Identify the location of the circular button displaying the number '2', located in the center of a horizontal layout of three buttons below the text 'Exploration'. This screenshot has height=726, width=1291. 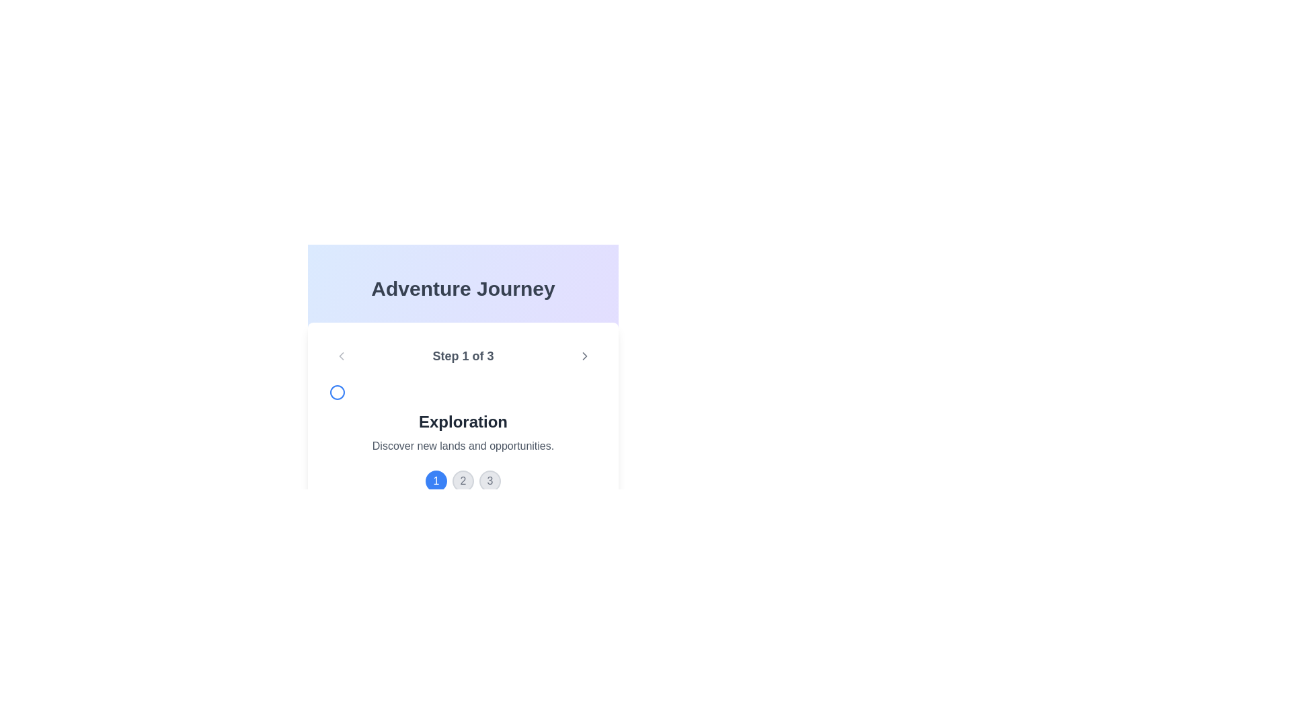
(463, 481).